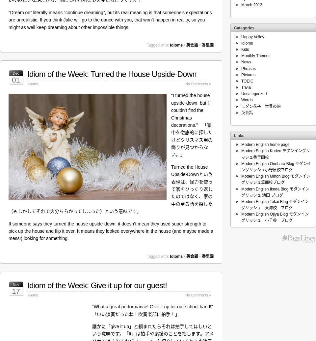 This screenshot has width=316, height=341. I want to click on 'Idiom of the Week: Give it up for our guest!', so click(97, 285).